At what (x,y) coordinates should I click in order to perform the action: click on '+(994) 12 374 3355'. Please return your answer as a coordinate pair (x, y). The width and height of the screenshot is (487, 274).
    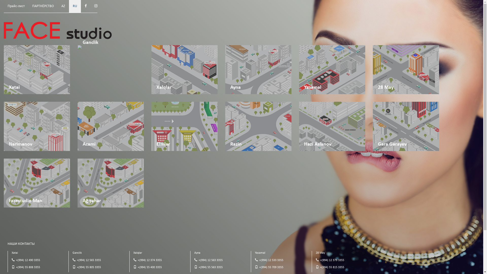
    Looking at the image, I should click on (137, 260).